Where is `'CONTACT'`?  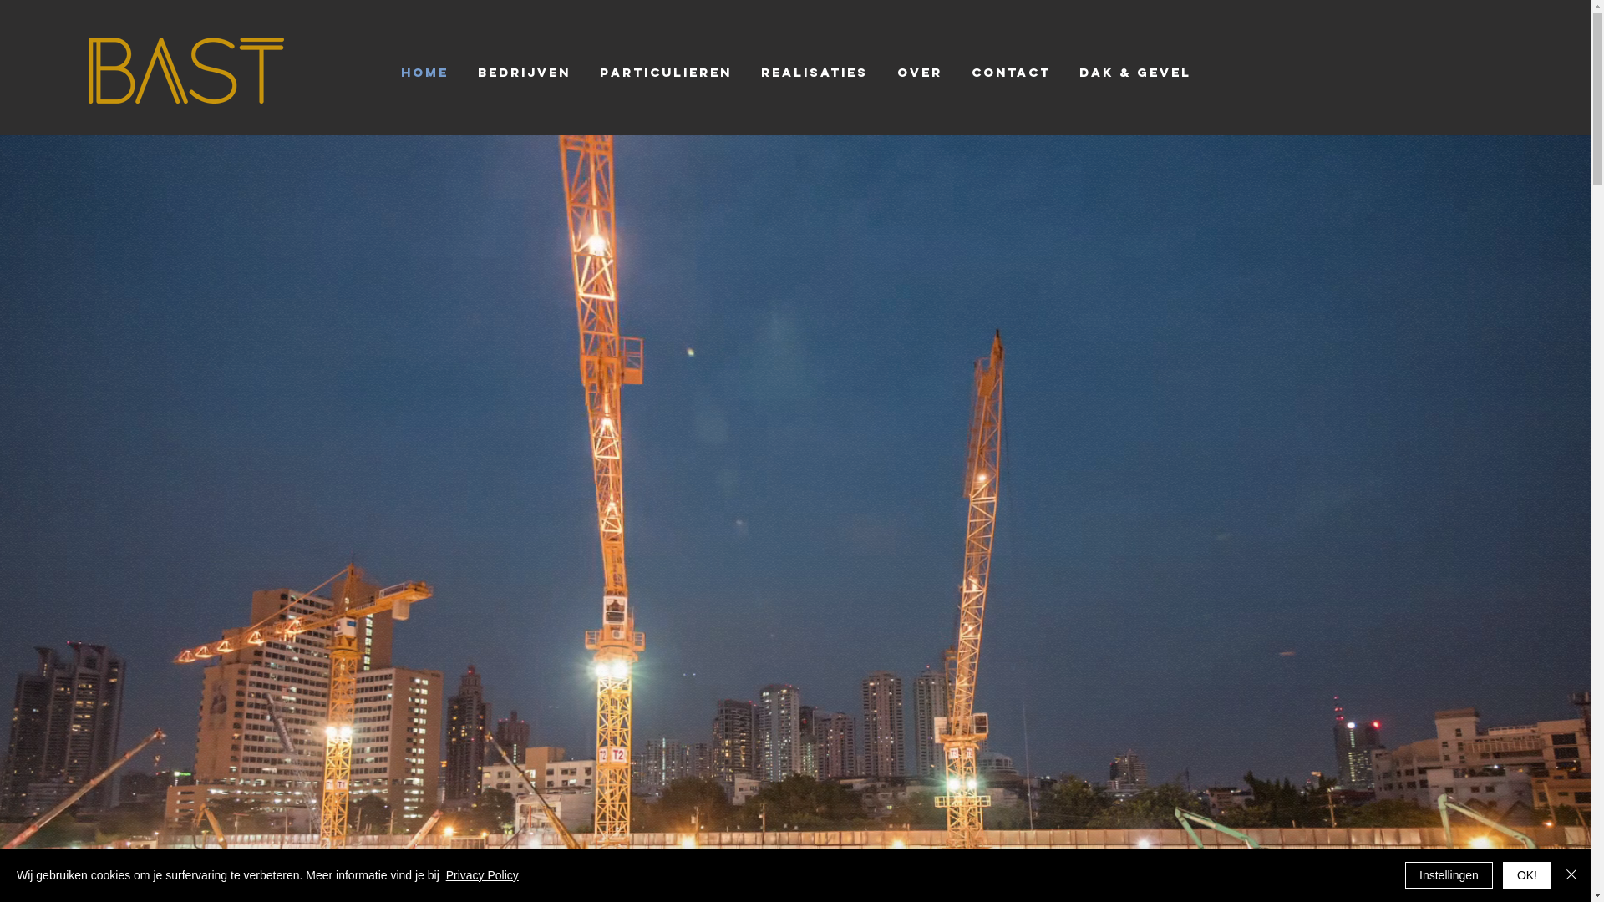
'CONTACT' is located at coordinates (1010, 72).